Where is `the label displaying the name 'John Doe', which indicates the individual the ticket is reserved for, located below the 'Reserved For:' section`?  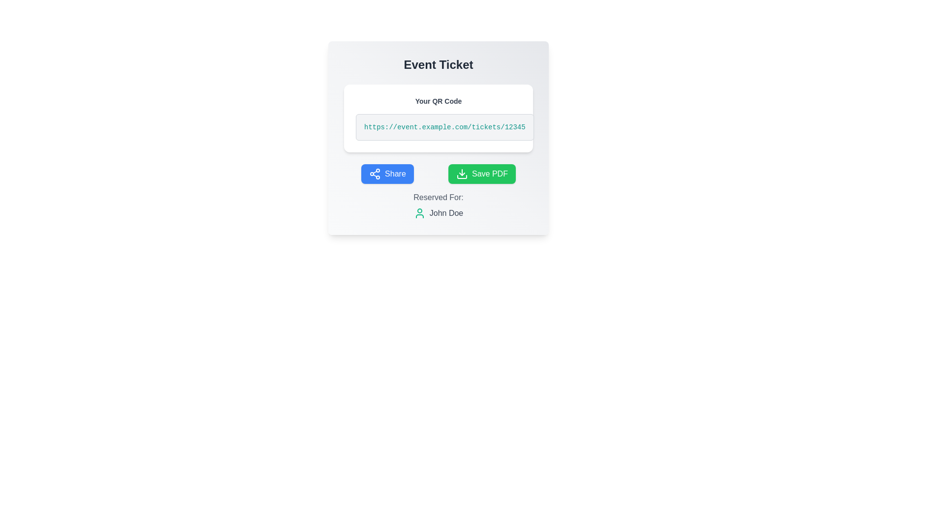
the label displaying the name 'John Doe', which indicates the individual the ticket is reserved for, located below the 'Reserved For:' section is located at coordinates (438, 213).